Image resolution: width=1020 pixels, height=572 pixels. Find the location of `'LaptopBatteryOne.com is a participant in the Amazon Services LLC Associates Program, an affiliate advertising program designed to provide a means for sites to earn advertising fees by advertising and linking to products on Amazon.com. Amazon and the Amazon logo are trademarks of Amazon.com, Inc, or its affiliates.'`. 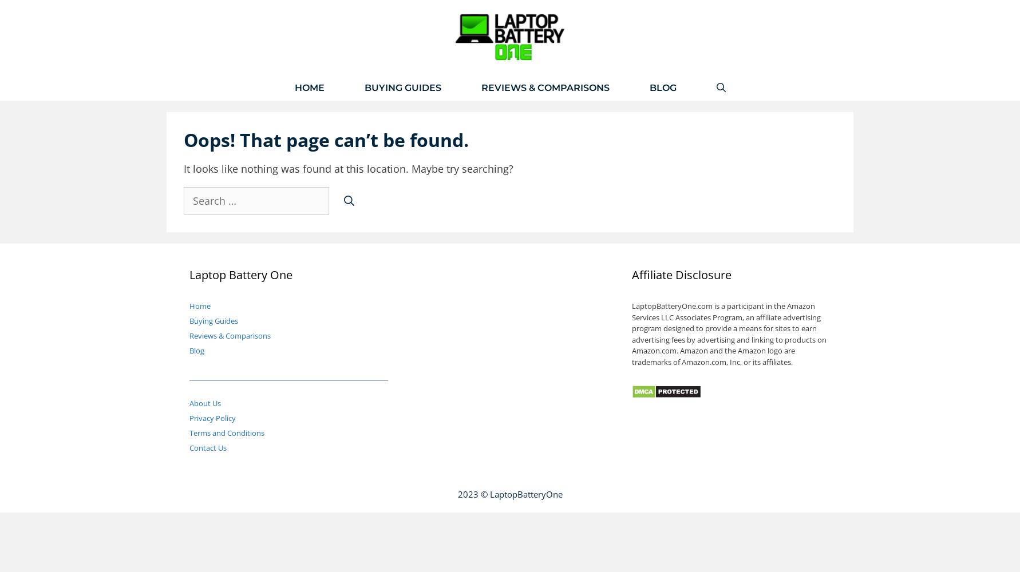

'LaptopBatteryOne.com is a participant in the Amazon Services LLC Associates Program, an affiliate advertising program designed to provide a means for sites to earn advertising fees by advertising and linking to products on Amazon.com. Amazon and the Amazon logo are trademarks of Amazon.com, Inc, or its affiliates.' is located at coordinates (729, 333).